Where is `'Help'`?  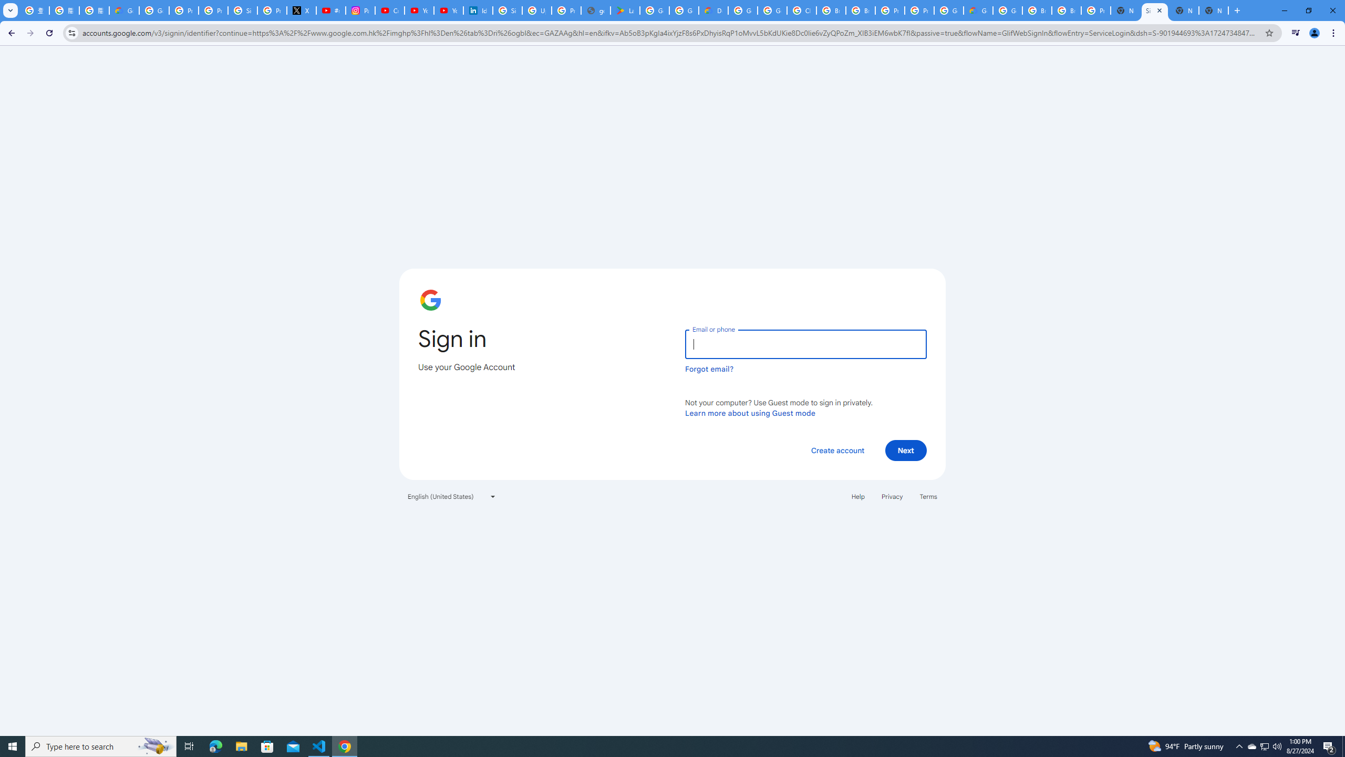
'Help' is located at coordinates (857, 495).